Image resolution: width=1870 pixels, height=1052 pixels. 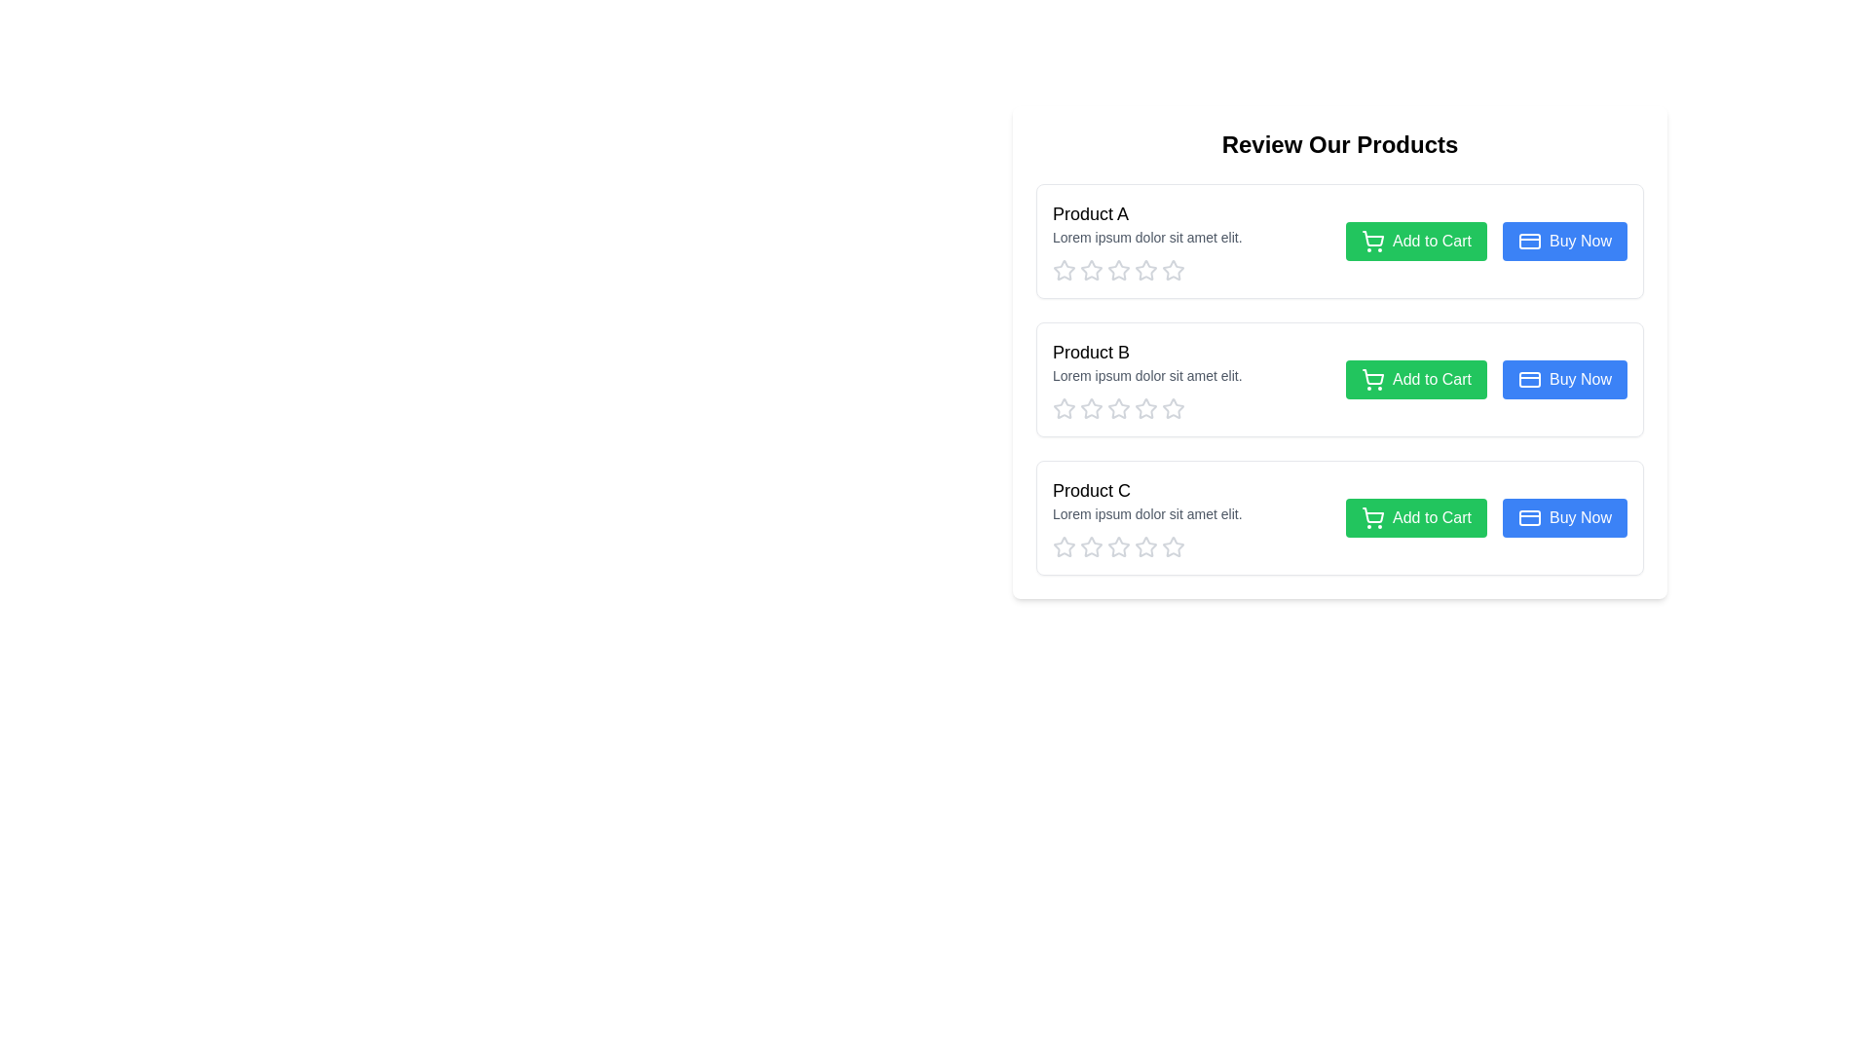 What do you see at coordinates (1089, 407) in the screenshot?
I see `the second star icon in the rating system for 'Product B' to give a partial rating` at bounding box center [1089, 407].